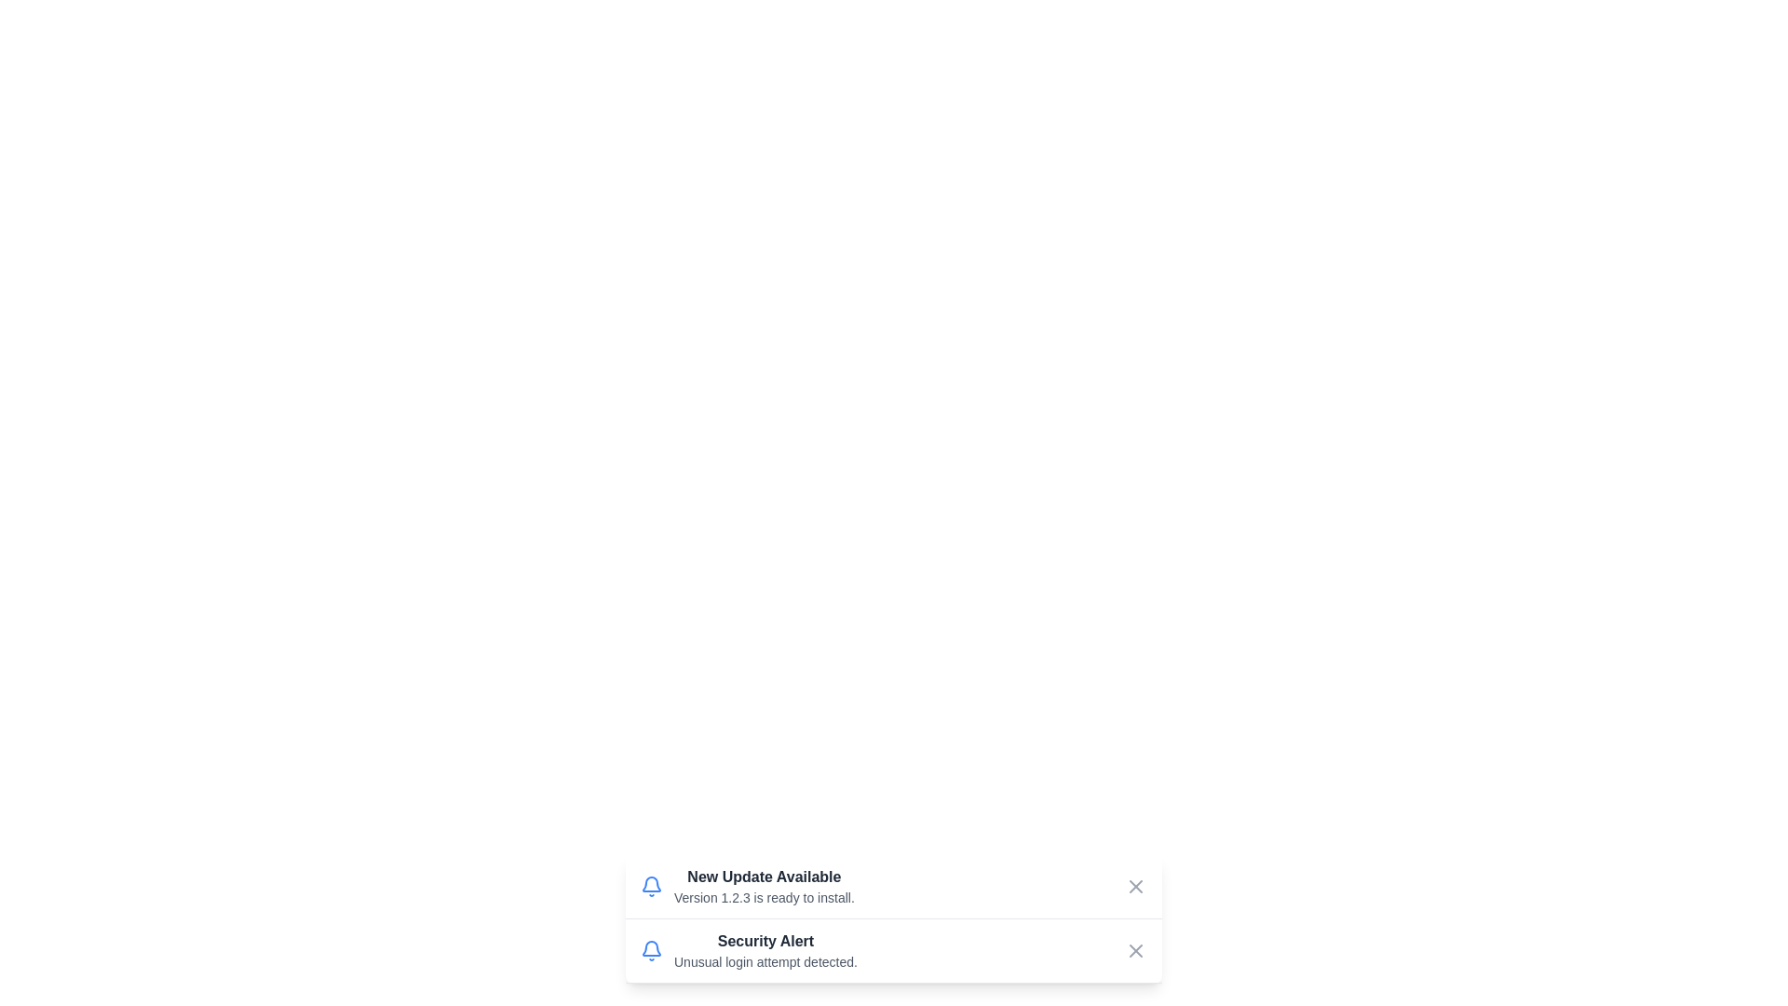 Image resolution: width=1788 pixels, height=1006 pixels. I want to click on close button for the notification titled 'New Update Available', so click(1134, 886).